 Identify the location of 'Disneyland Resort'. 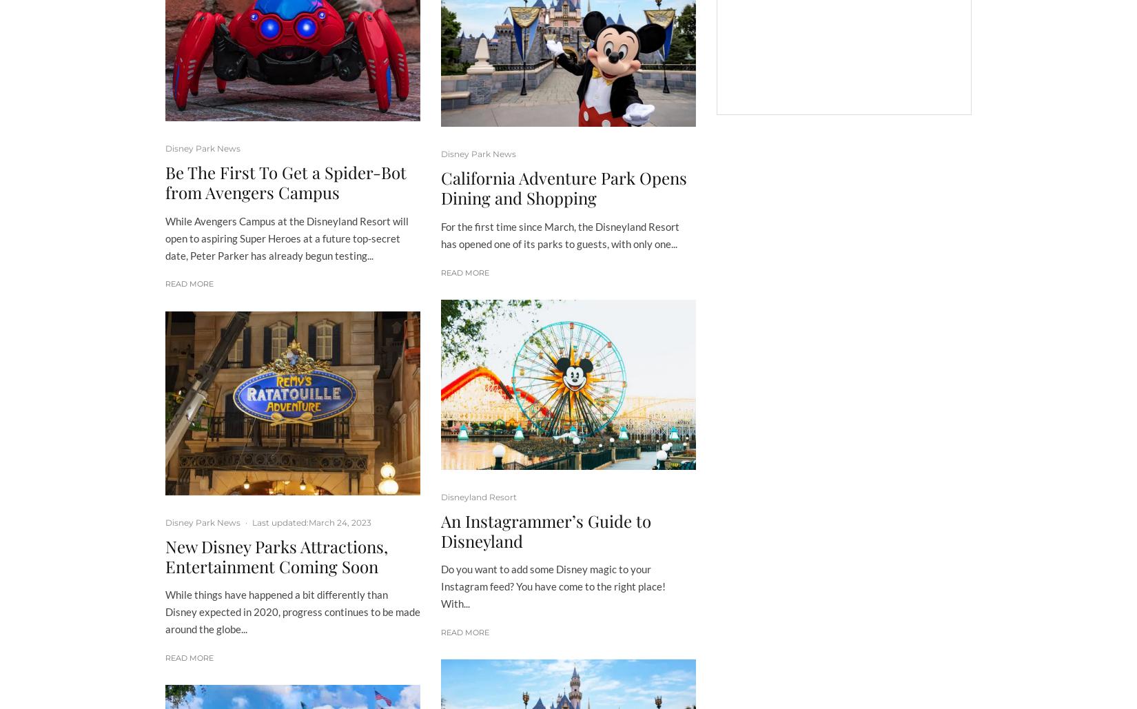
(478, 495).